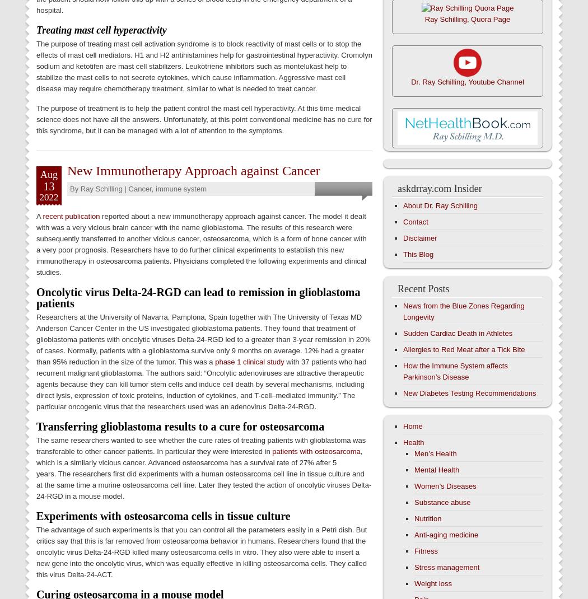 Image resolution: width=588 pixels, height=599 pixels. What do you see at coordinates (101, 188) in the screenshot?
I see `'Ray Schilling'` at bounding box center [101, 188].